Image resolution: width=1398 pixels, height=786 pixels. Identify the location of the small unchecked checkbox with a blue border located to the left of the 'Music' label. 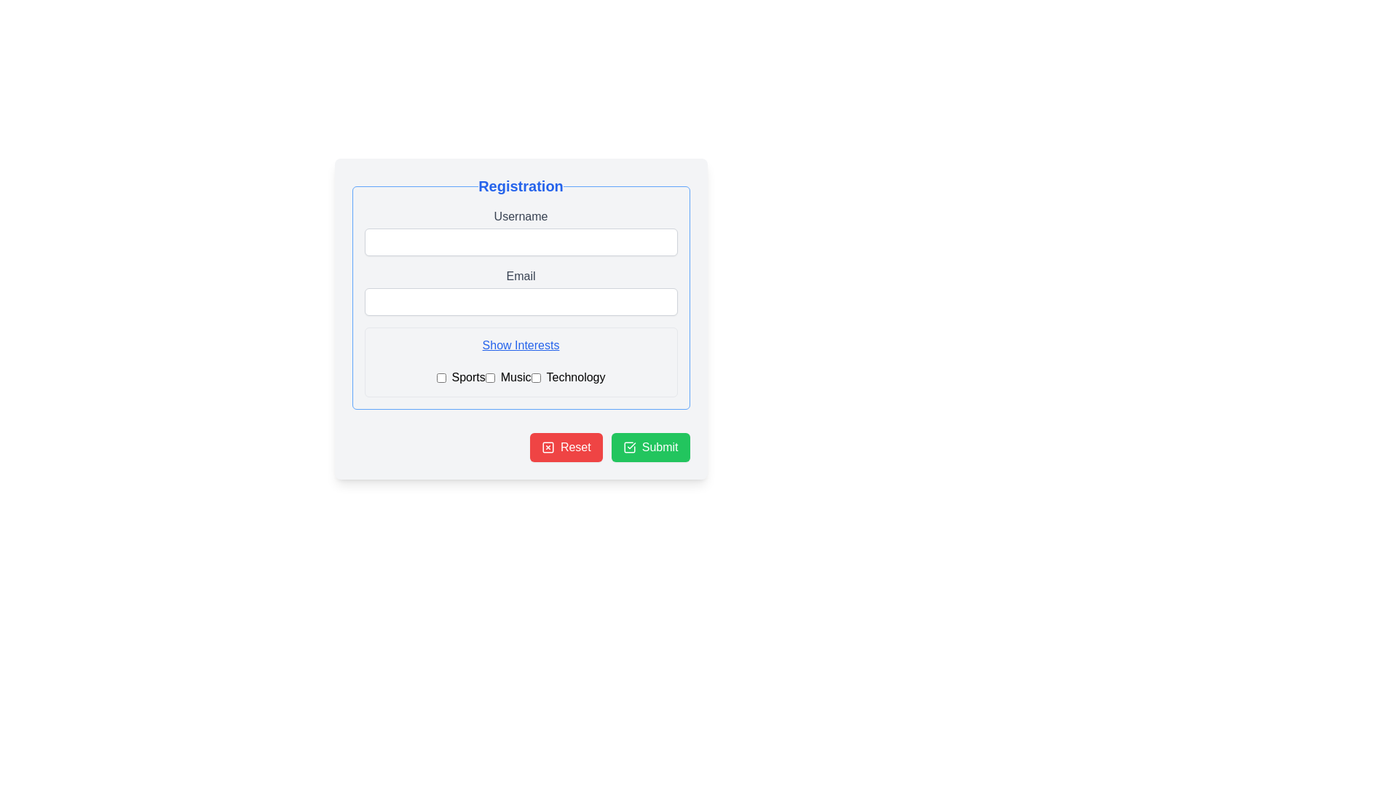
(490, 377).